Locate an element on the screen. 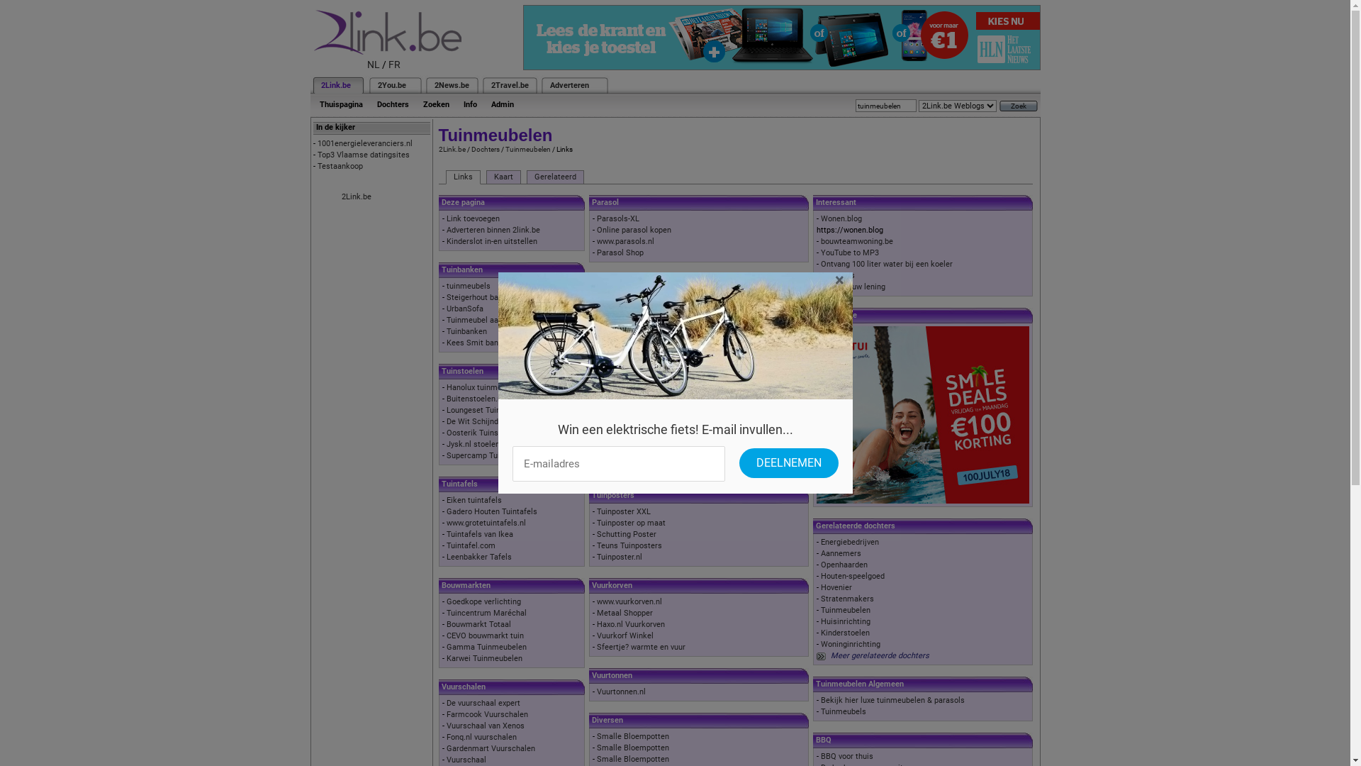 The image size is (1361, 766). 'Tuintafels van Ikea' is located at coordinates (479, 534).